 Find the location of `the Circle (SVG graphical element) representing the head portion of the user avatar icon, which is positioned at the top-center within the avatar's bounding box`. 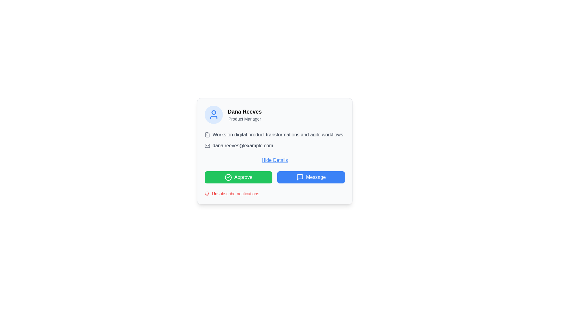

the Circle (SVG graphical element) representing the head portion of the user avatar icon, which is positioned at the top-center within the avatar's bounding box is located at coordinates (214, 112).